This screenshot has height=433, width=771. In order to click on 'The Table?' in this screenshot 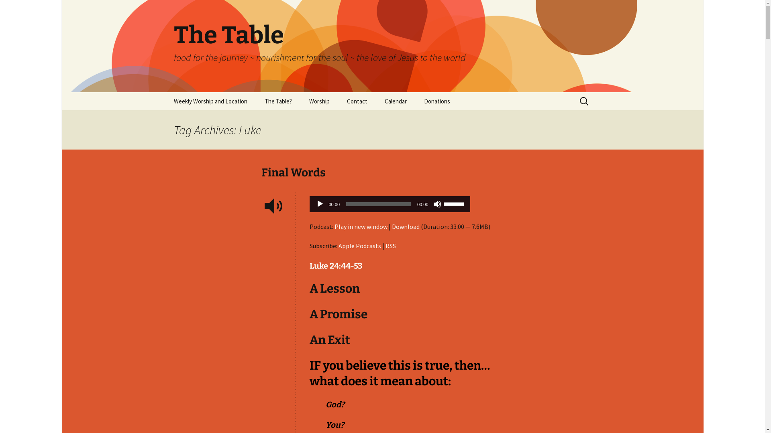, I will do `click(277, 101)`.